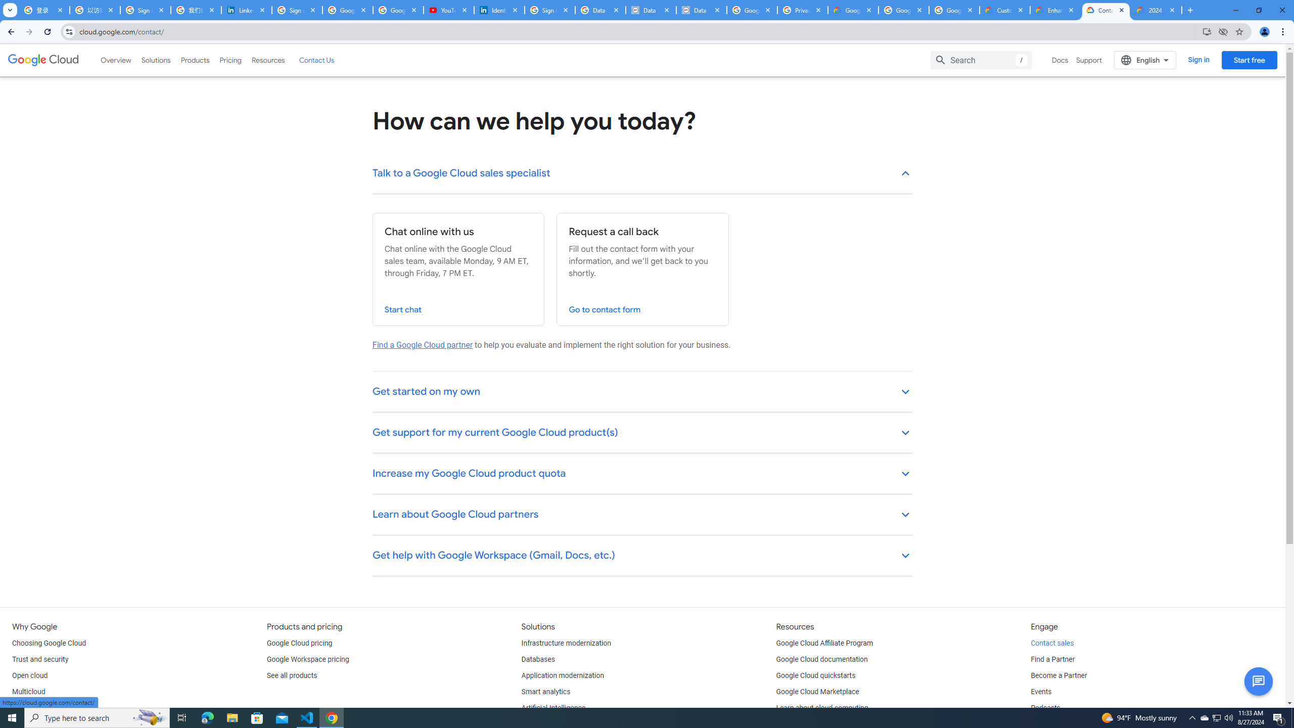  I want to click on 'LinkedIn Privacy Policy', so click(247, 10).